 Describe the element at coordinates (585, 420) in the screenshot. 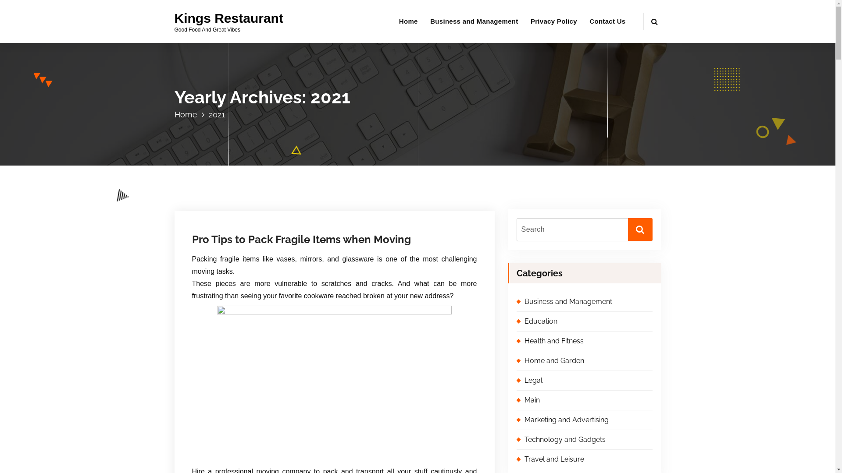

I see `'Marketing and Advertising'` at that location.